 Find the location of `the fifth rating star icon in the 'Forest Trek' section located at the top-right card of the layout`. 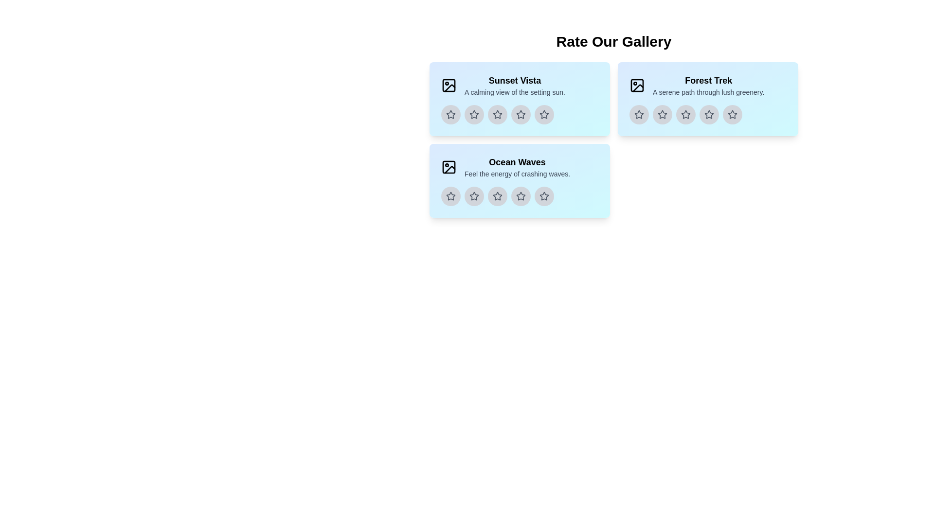

the fifth rating star icon in the 'Forest Trek' section located at the top-right card of the layout is located at coordinates (733, 114).